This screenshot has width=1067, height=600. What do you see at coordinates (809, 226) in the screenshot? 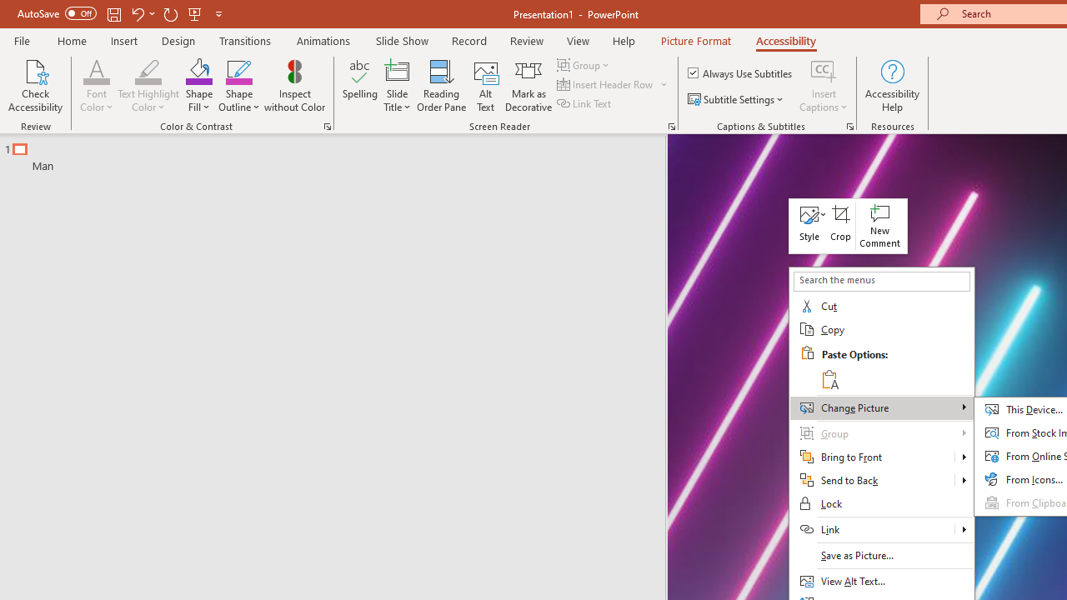
I see `'Style'` at bounding box center [809, 226].